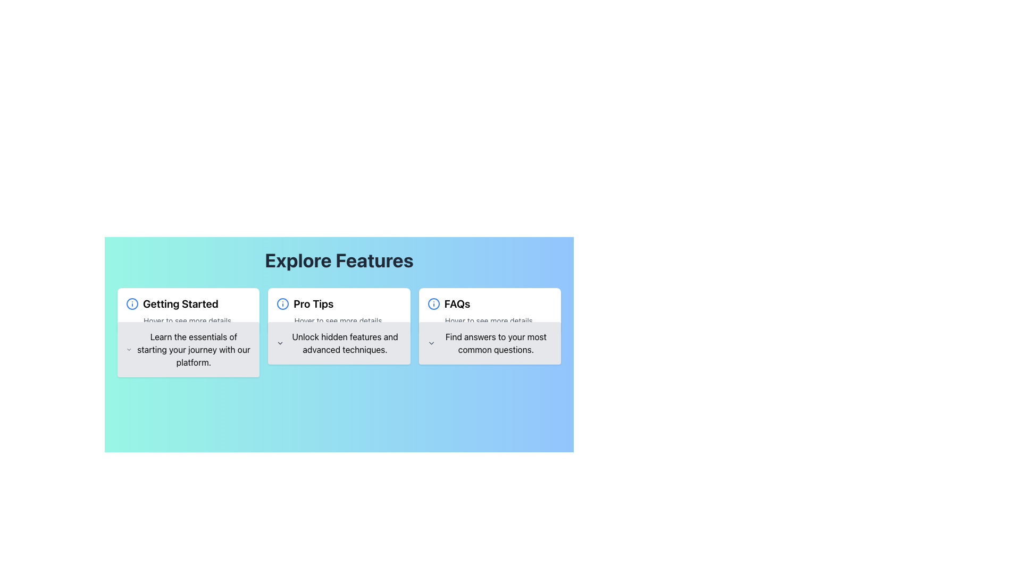  What do you see at coordinates (339, 260) in the screenshot?
I see `the Text Header that serves as an introductory label for the section, positioned above the informational cards labeled 'Getting Started,' 'Pro Tips,' and 'FAQs.'` at bounding box center [339, 260].